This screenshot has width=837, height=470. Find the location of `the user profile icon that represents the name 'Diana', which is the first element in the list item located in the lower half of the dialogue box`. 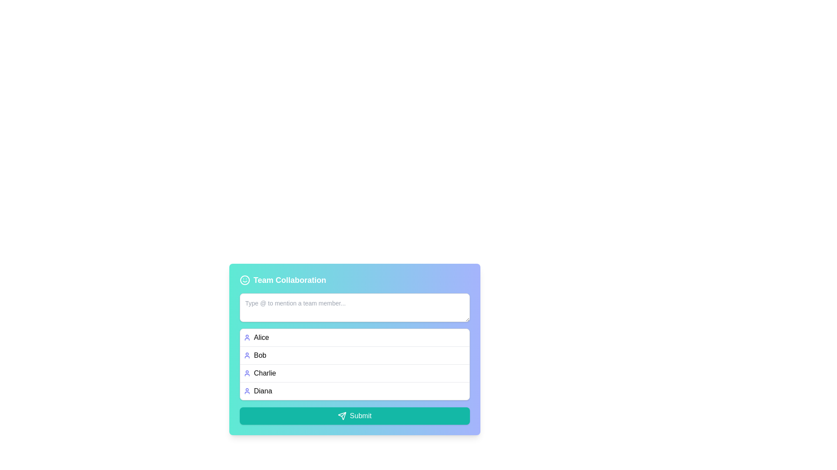

the user profile icon that represents the name 'Diana', which is the first element in the list item located in the lower half of the dialogue box is located at coordinates (246, 390).